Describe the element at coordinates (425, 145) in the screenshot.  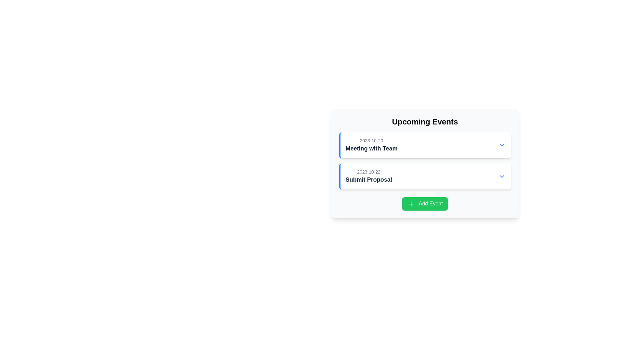
I see `the Event entry with expandable details, which shows the date and title of the event, located in the 'Upcoming Events' section with a blue left border` at that location.